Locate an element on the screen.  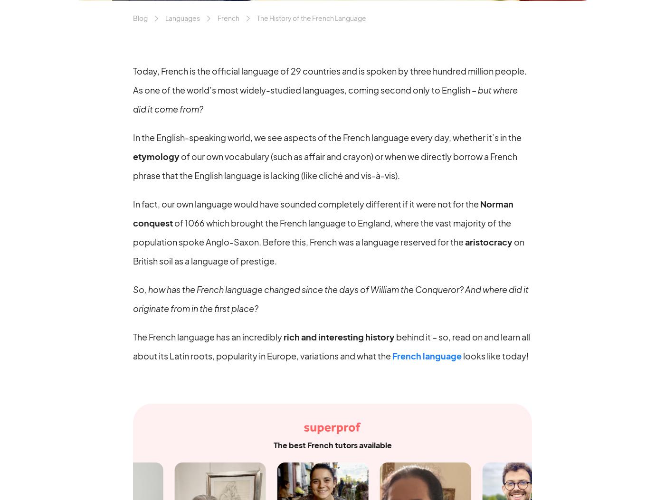
'The best French tutors available' is located at coordinates (332, 444).